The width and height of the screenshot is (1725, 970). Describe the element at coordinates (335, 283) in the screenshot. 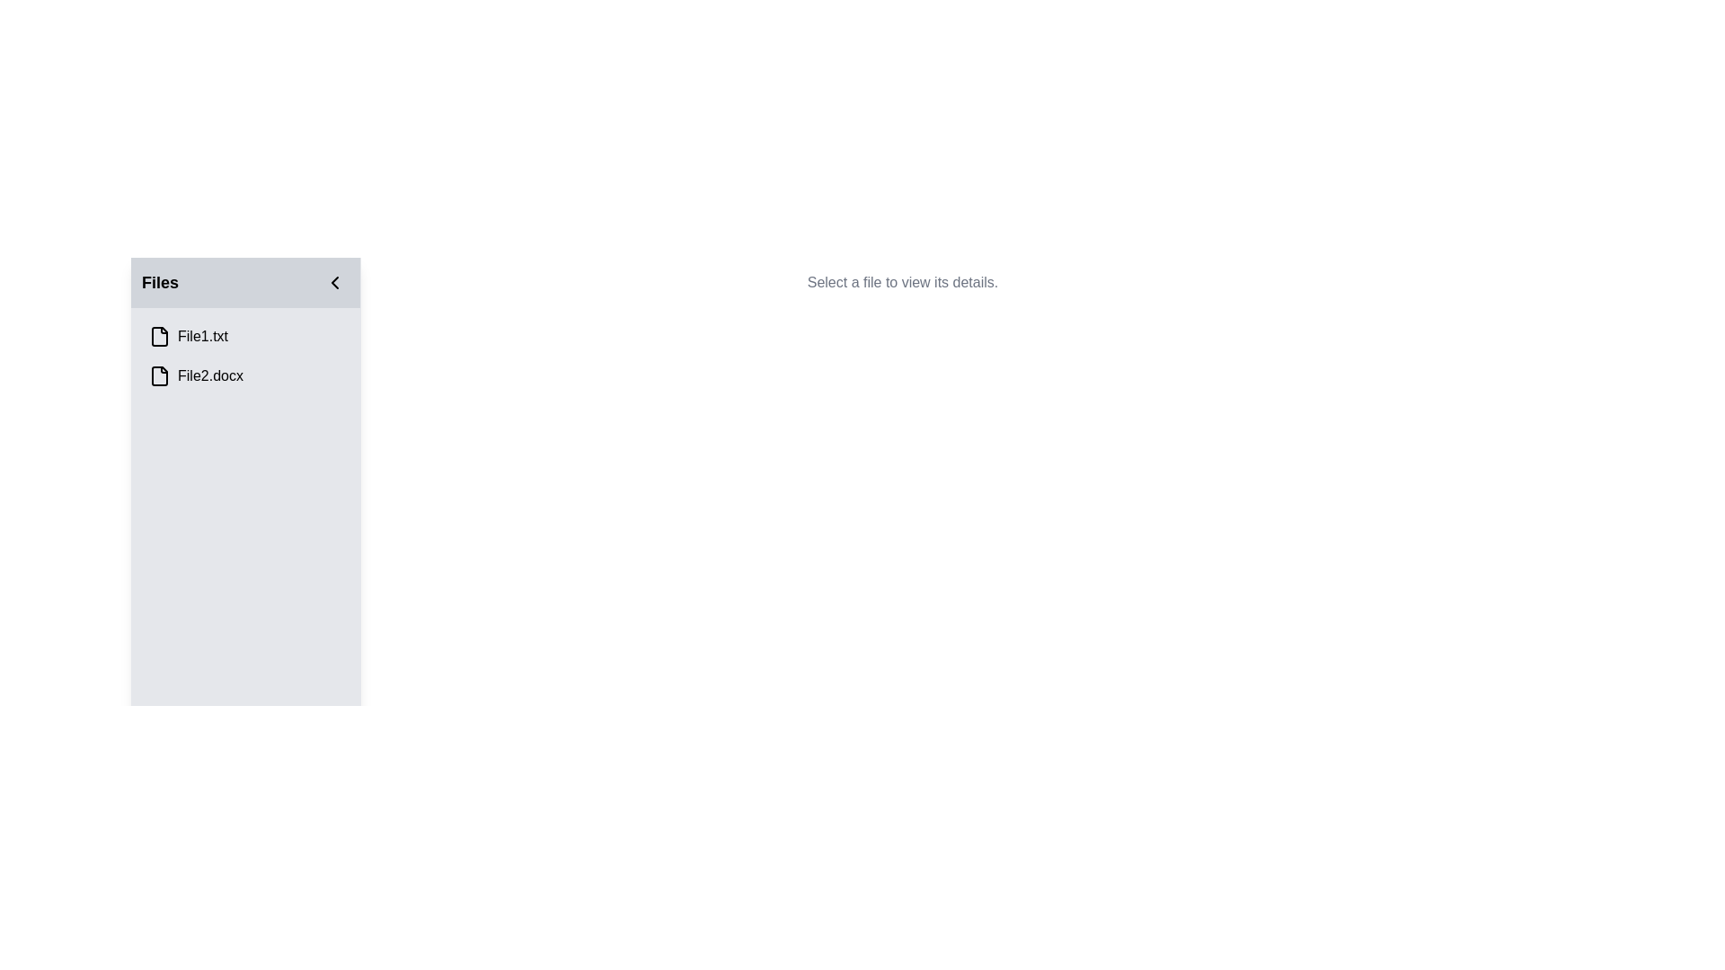

I see `the navigation icon located in the top section of the sidebar, to the right of the 'Files' label` at that location.